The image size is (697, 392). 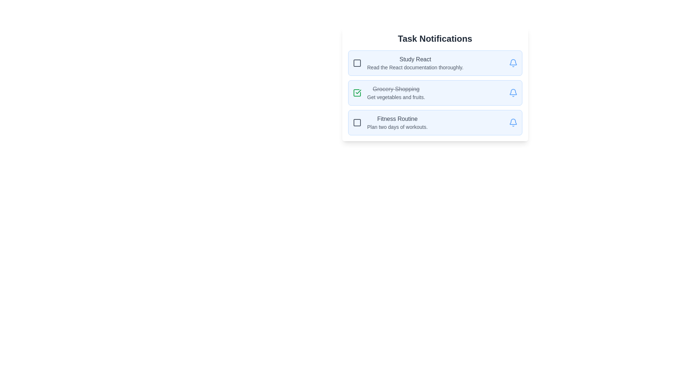 What do you see at coordinates (396, 92) in the screenshot?
I see `text content of the text label that displays 'Grocery Shopping' with a line-through styling and the details 'Get vegetables and fruits.' located in the second row under 'Task Notifications'` at bounding box center [396, 92].